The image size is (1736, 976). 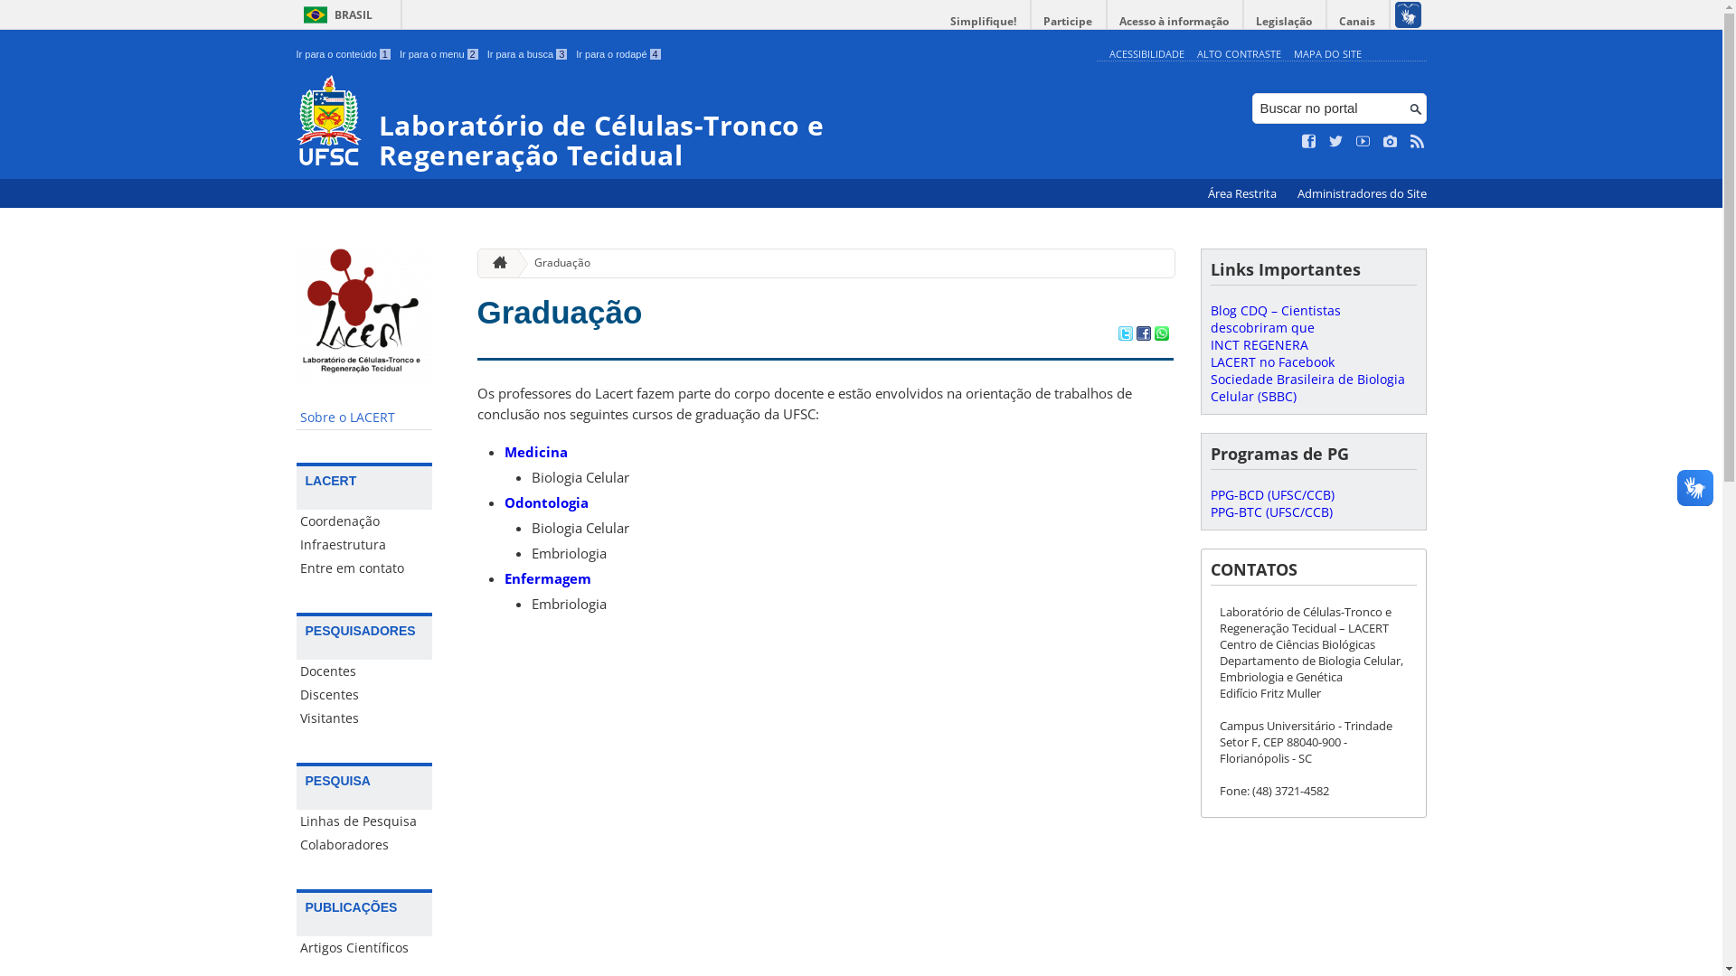 What do you see at coordinates (363, 717) in the screenshot?
I see `'Visitantes'` at bounding box center [363, 717].